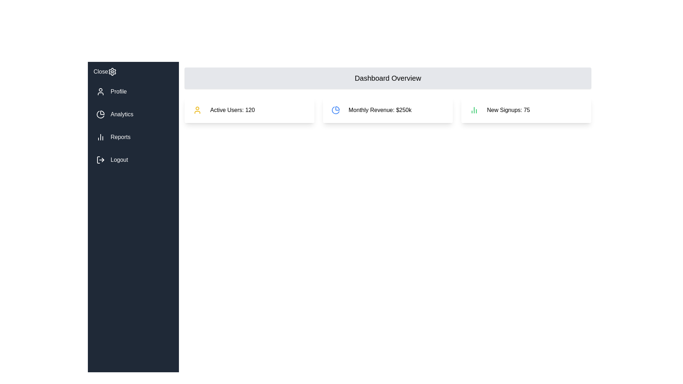 The width and height of the screenshot is (683, 384). I want to click on the 'Logout' text label element, which is displayed in white sans-serif font on a dark navy-blue background, located at the bottom of the main menu items in the sidebar, so click(119, 160).